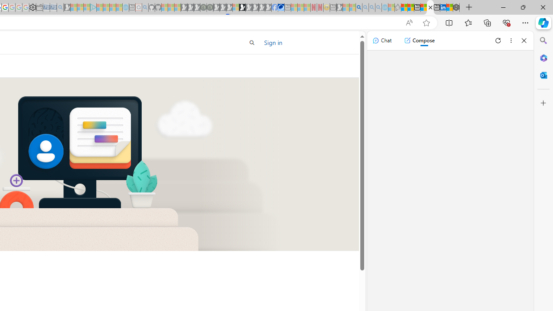  I want to click on 'Sign in to your account - Sleeping', so click(235, 7).